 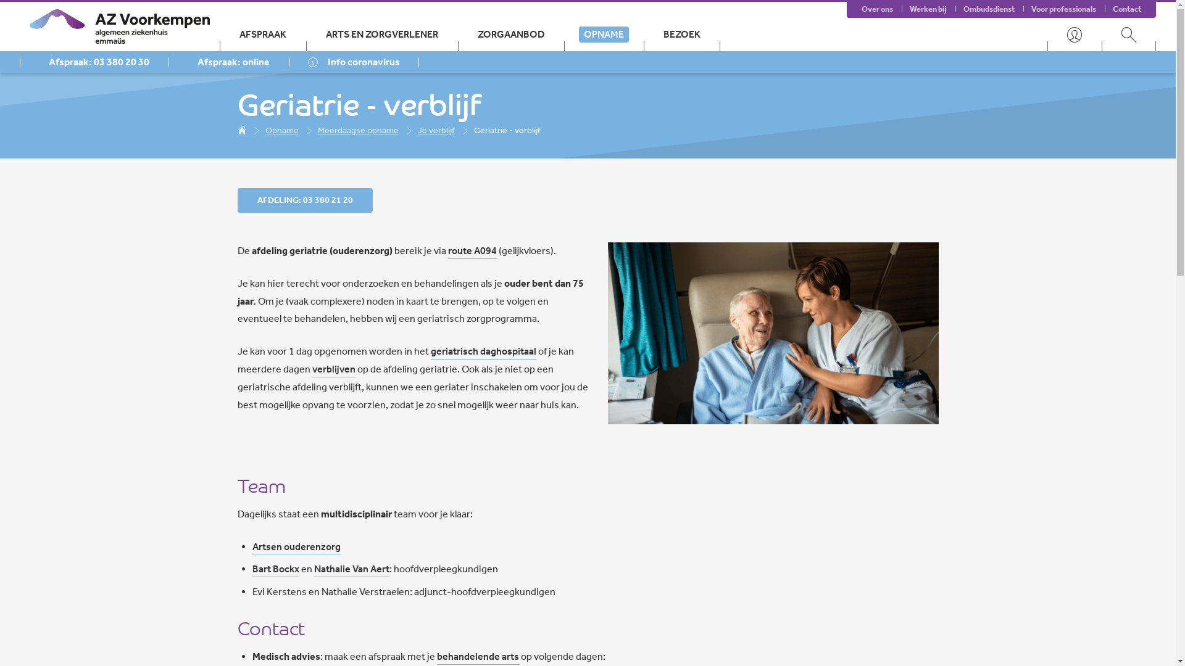 What do you see at coordinates (1063, 9) in the screenshot?
I see `'Voor professionals'` at bounding box center [1063, 9].